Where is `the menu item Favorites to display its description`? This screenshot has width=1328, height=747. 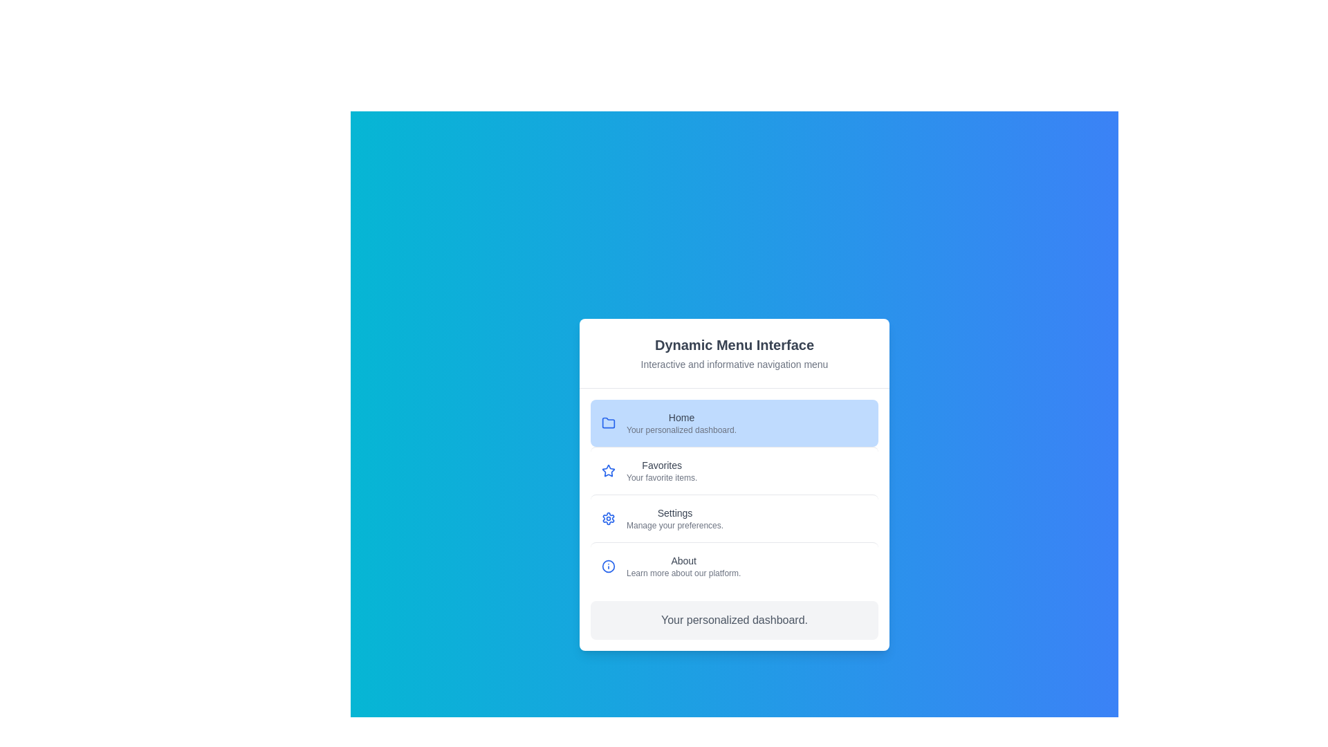 the menu item Favorites to display its description is located at coordinates (733, 470).